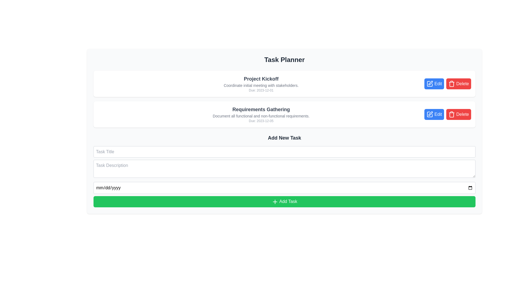  I want to click on the edit icon button located at the top right of the task card, so click(430, 83).